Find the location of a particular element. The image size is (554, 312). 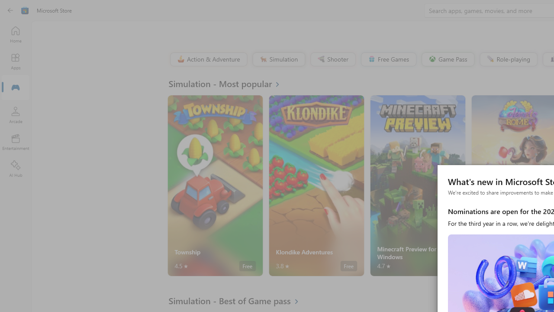

'Free Games' is located at coordinates (388, 58).